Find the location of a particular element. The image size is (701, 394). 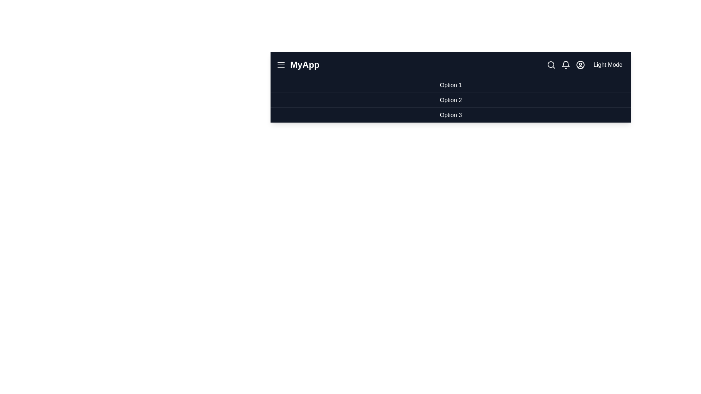

the mode toggle button to switch between light and dark modes is located at coordinates (608, 64).